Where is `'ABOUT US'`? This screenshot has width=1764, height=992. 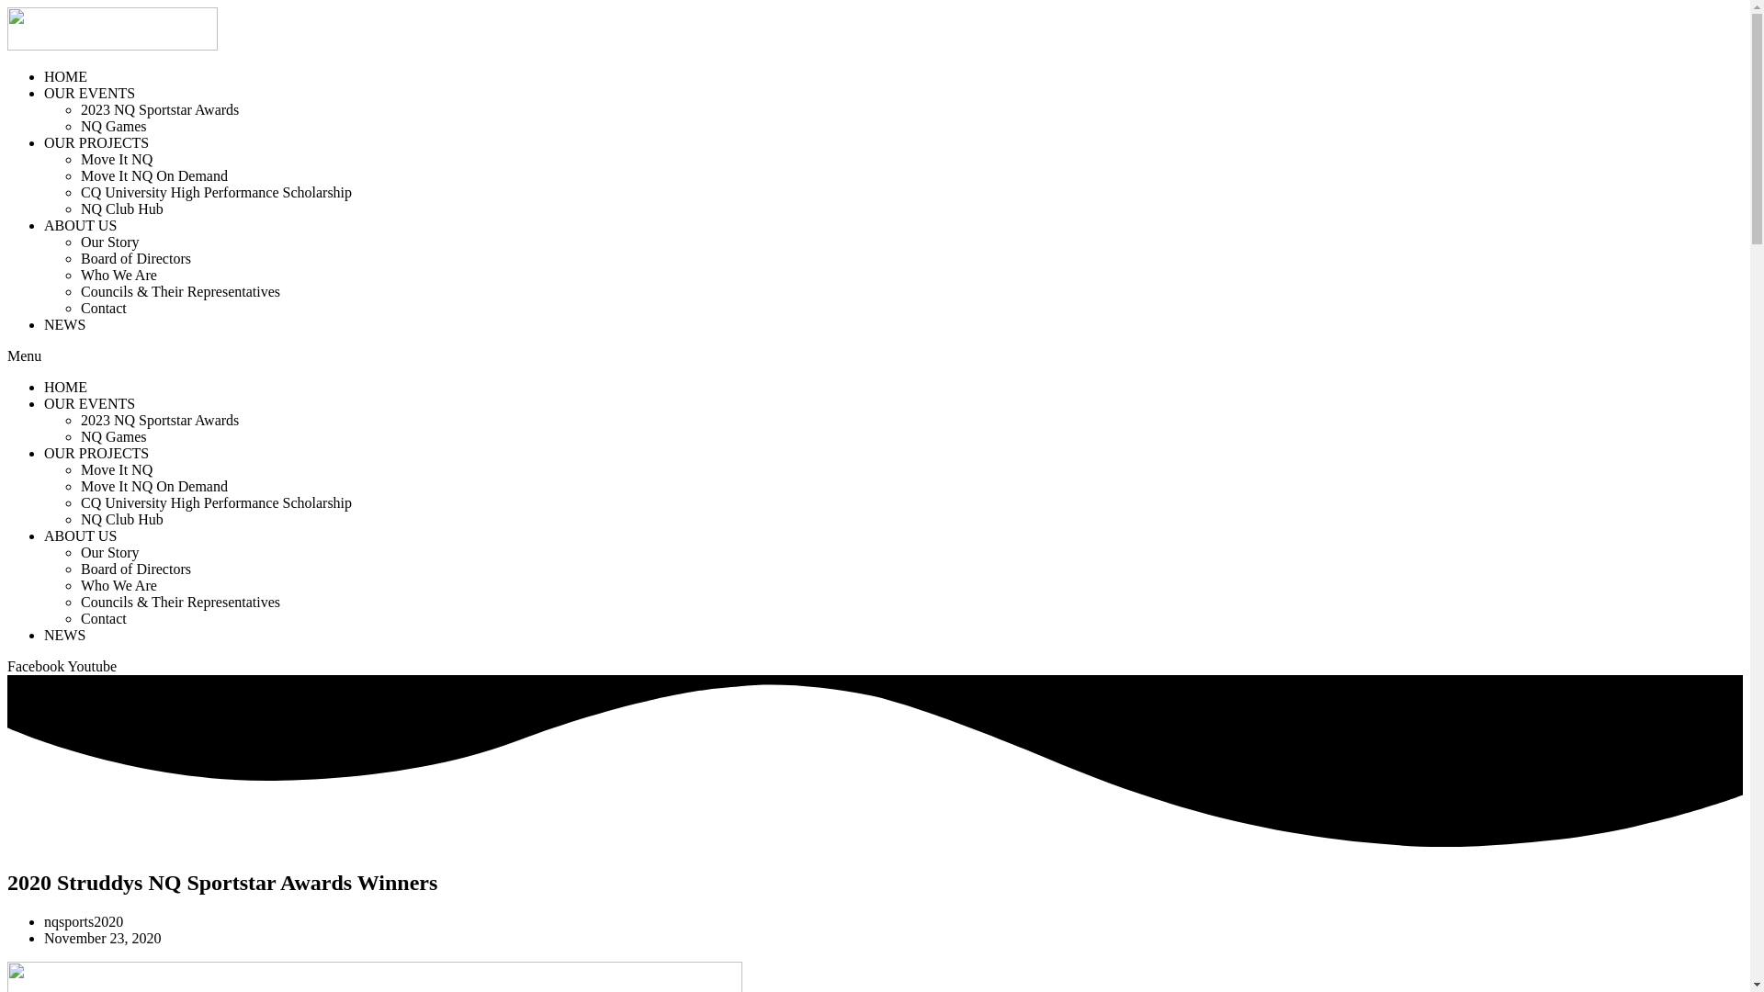 'ABOUT US' is located at coordinates (79, 224).